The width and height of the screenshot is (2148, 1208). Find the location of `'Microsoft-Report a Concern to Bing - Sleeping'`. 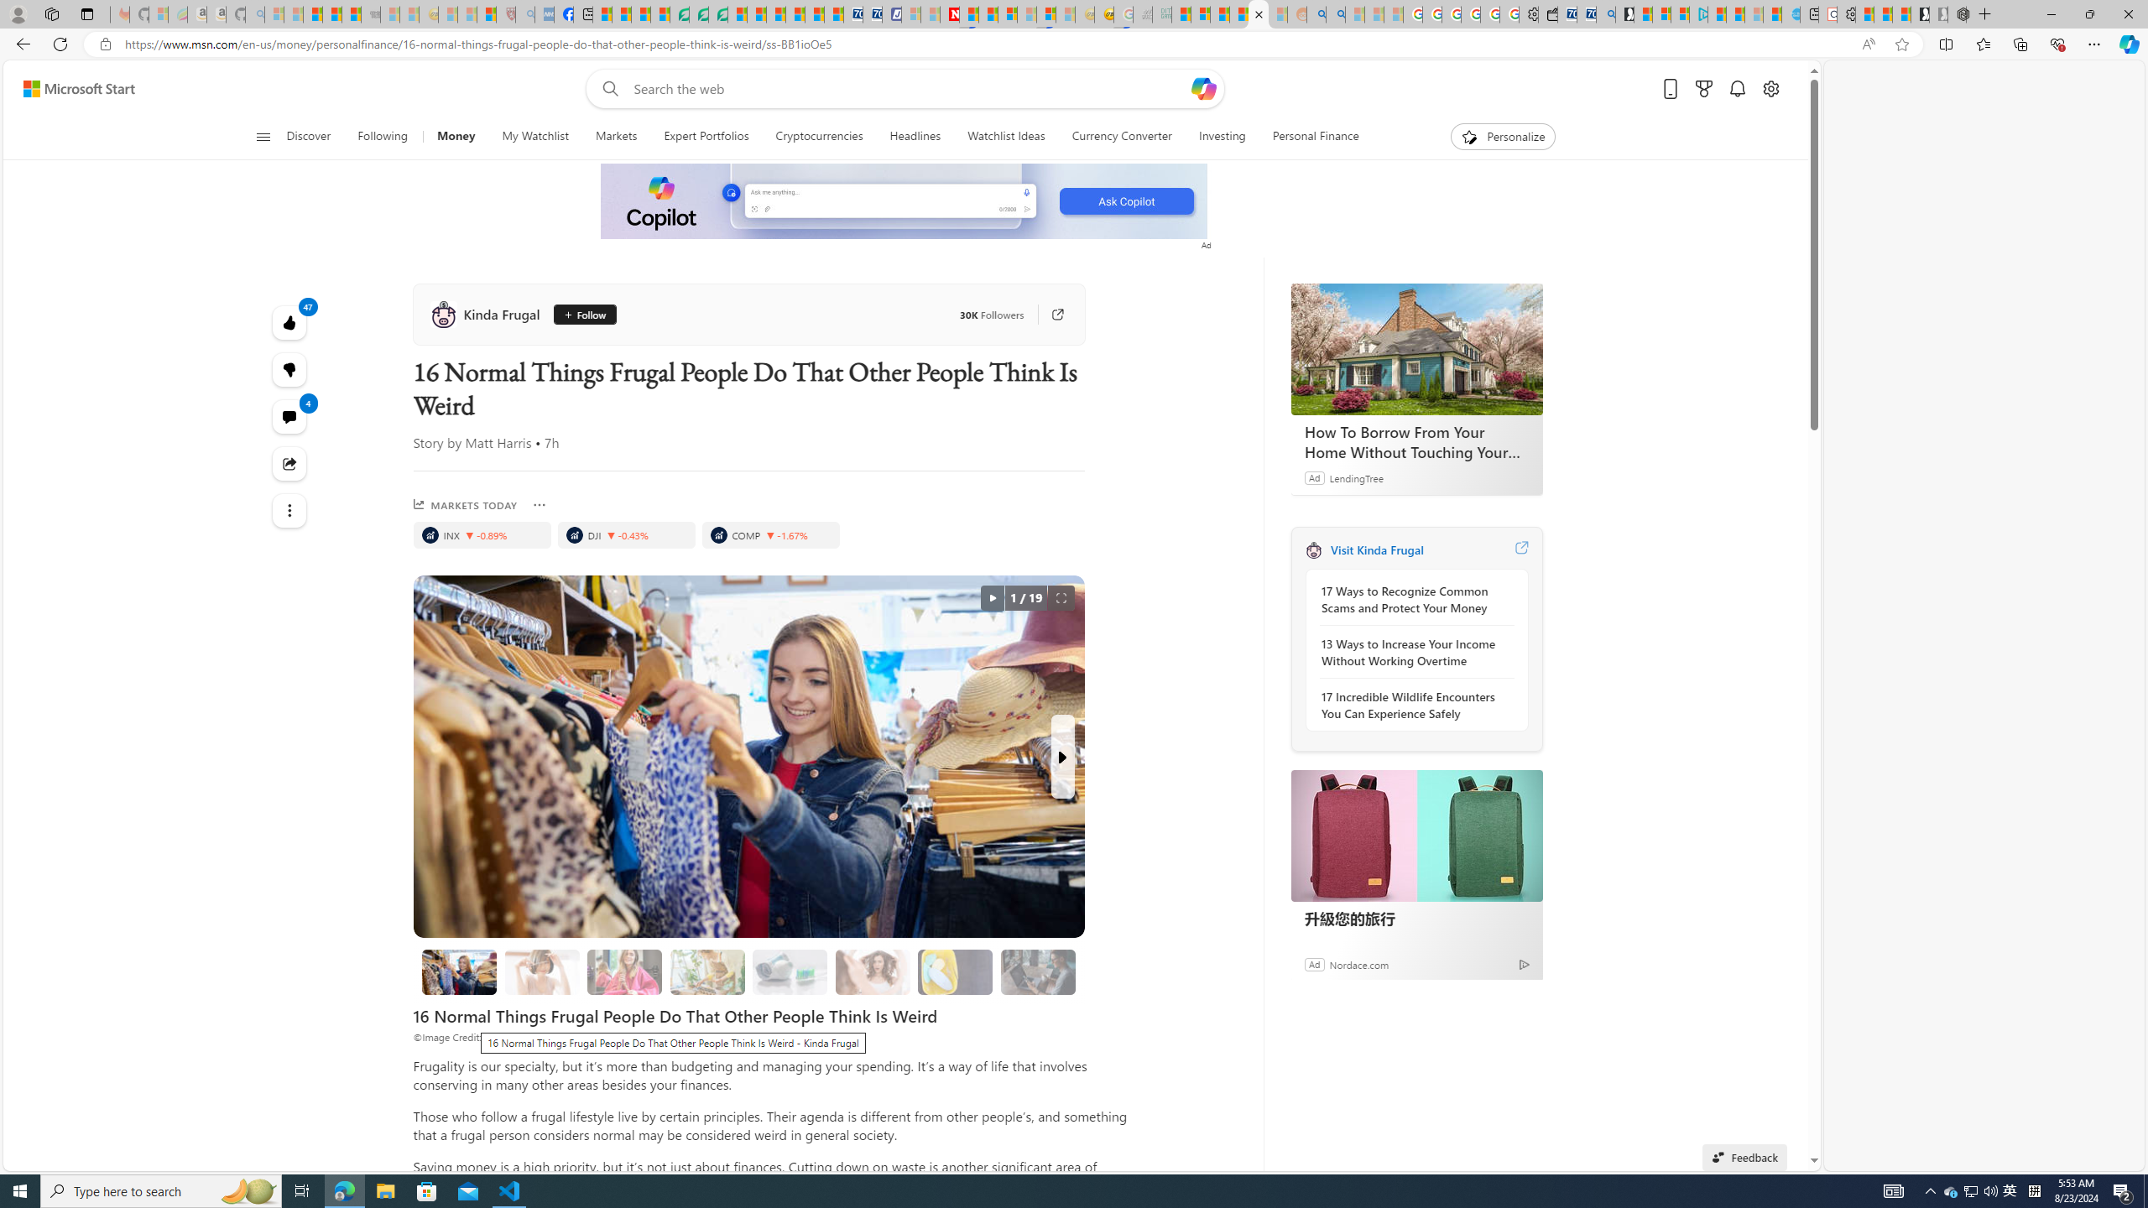

'Microsoft-Report a Concern to Bing - Sleeping' is located at coordinates (158, 13).